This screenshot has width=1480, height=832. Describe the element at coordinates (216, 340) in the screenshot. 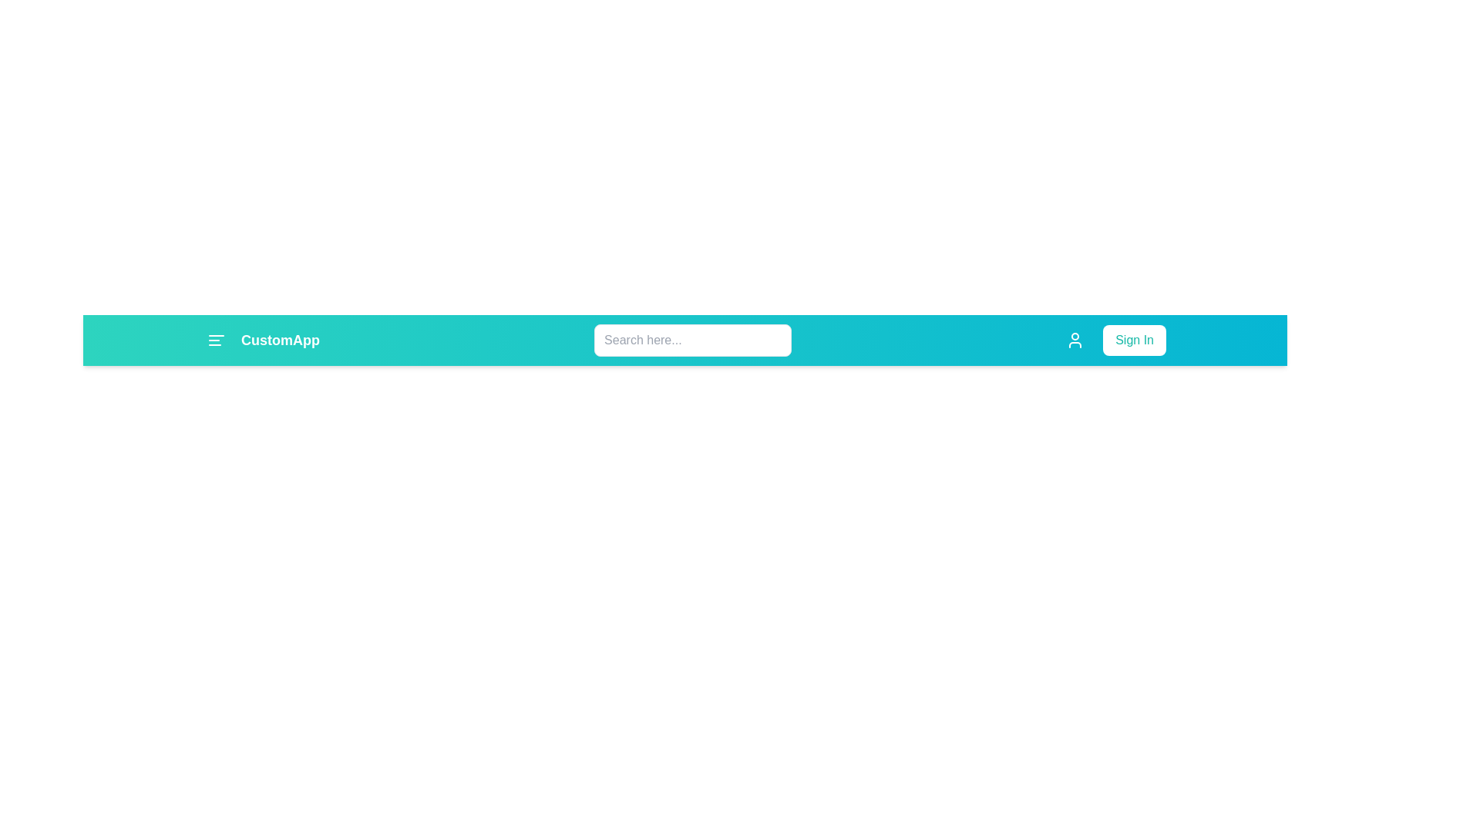

I see `the menu button to toggle the menu` at that location.